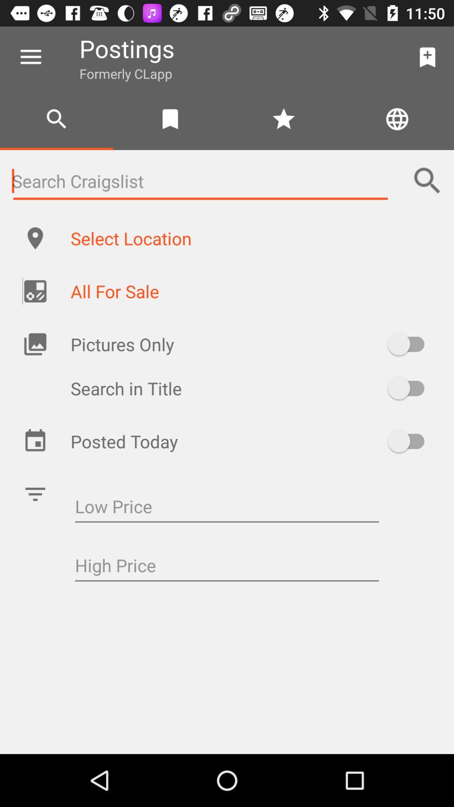 Image resolution: width=454 pixels, height=807 pixels. I want to click on search in title, so click(409, 388).